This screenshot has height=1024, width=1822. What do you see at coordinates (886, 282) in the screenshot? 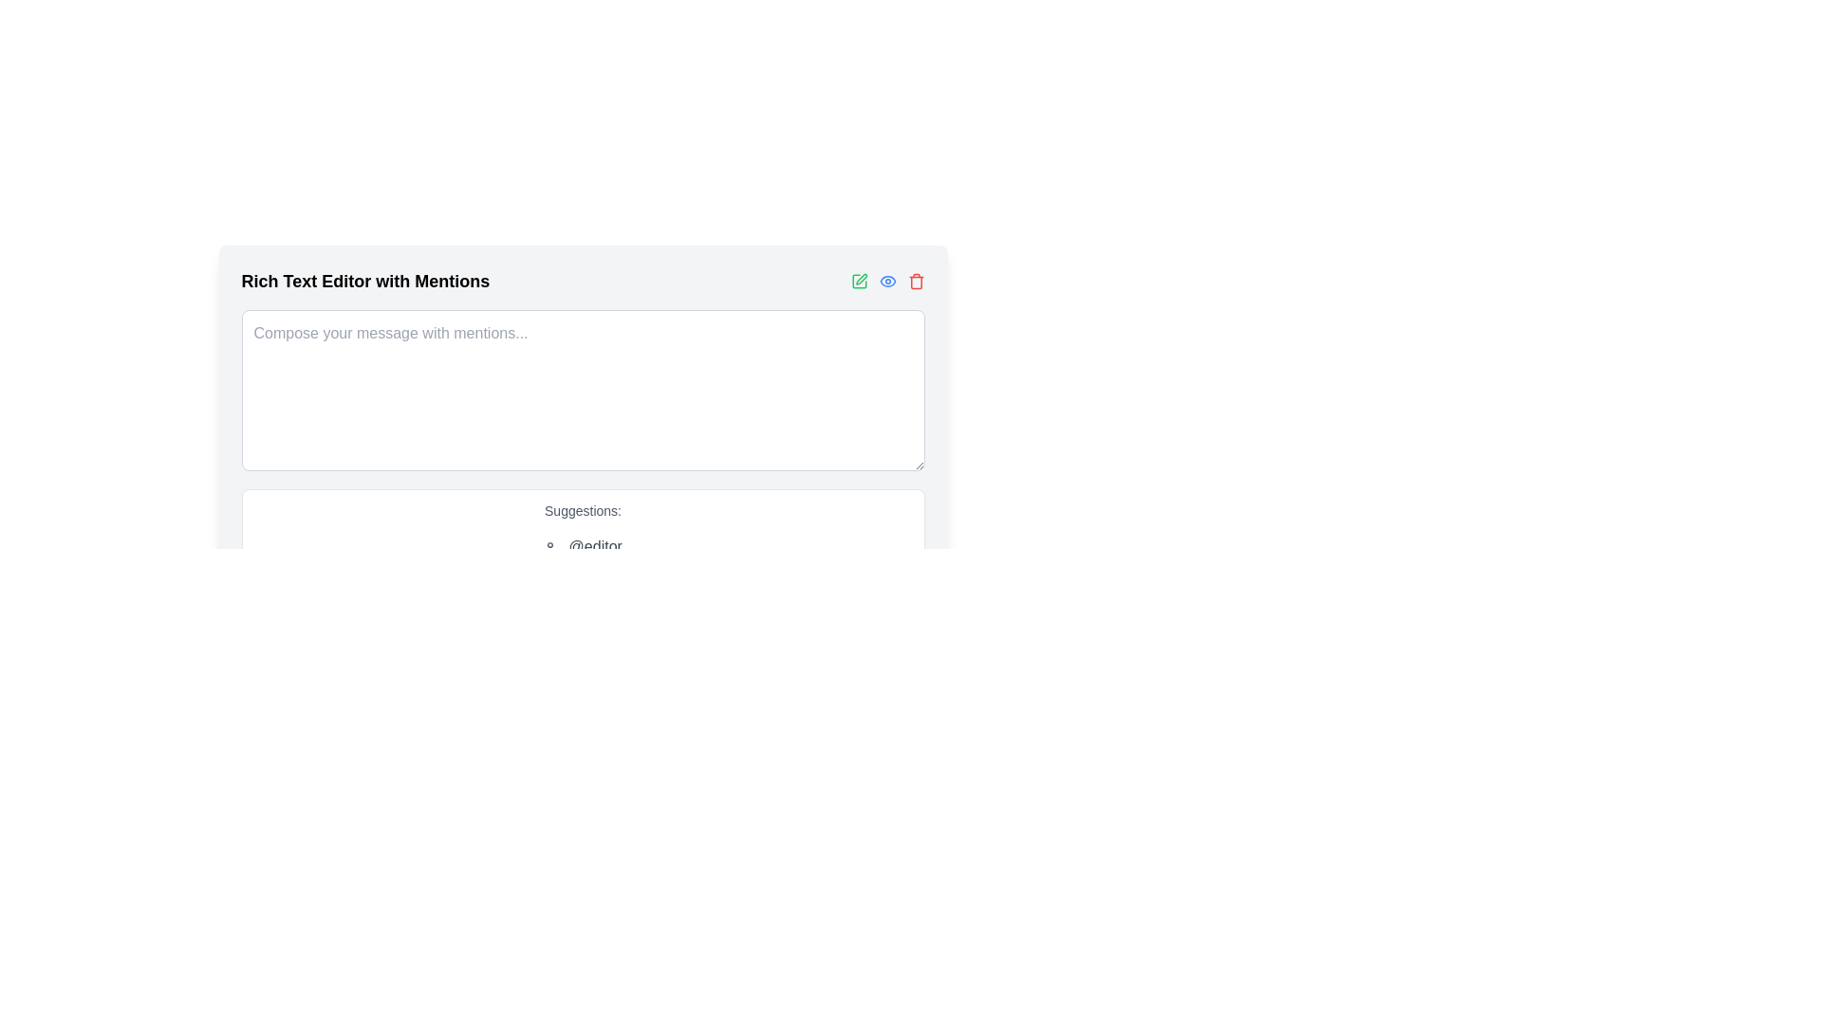
I see `the blue 'View' icon button, which is the second icon in a horizontal group of three icons at the top-right of the text editor interface` at bounding box center [886, 282].